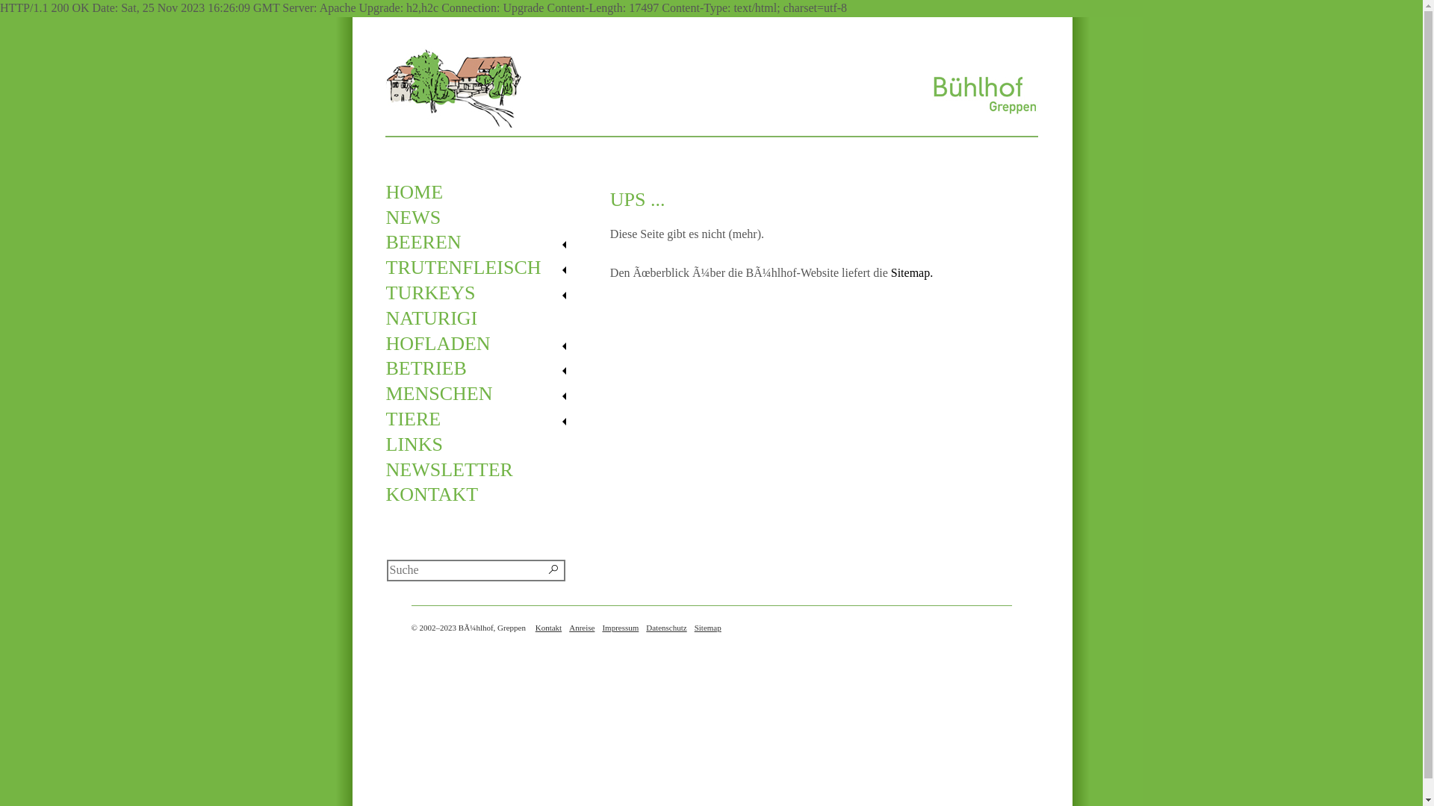 The image size is (1434, 806). I want to click on 'TURKEYS', so click(482, 293).